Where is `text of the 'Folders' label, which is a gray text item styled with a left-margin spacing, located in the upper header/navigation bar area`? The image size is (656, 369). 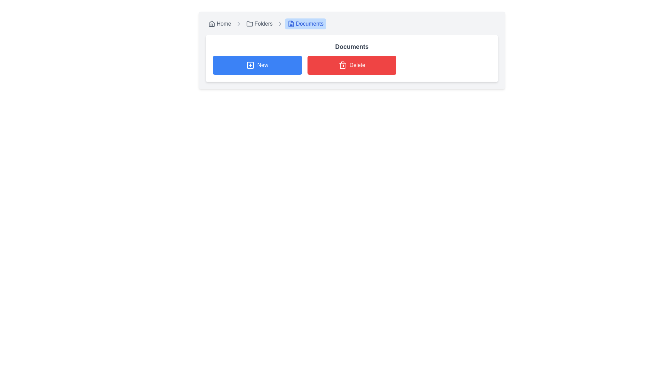 text of the 'Folders' label, which is a gray text item styled with a left-margin spacing, located in the upper header/navigation bar area is located at coordinates (263, 23).